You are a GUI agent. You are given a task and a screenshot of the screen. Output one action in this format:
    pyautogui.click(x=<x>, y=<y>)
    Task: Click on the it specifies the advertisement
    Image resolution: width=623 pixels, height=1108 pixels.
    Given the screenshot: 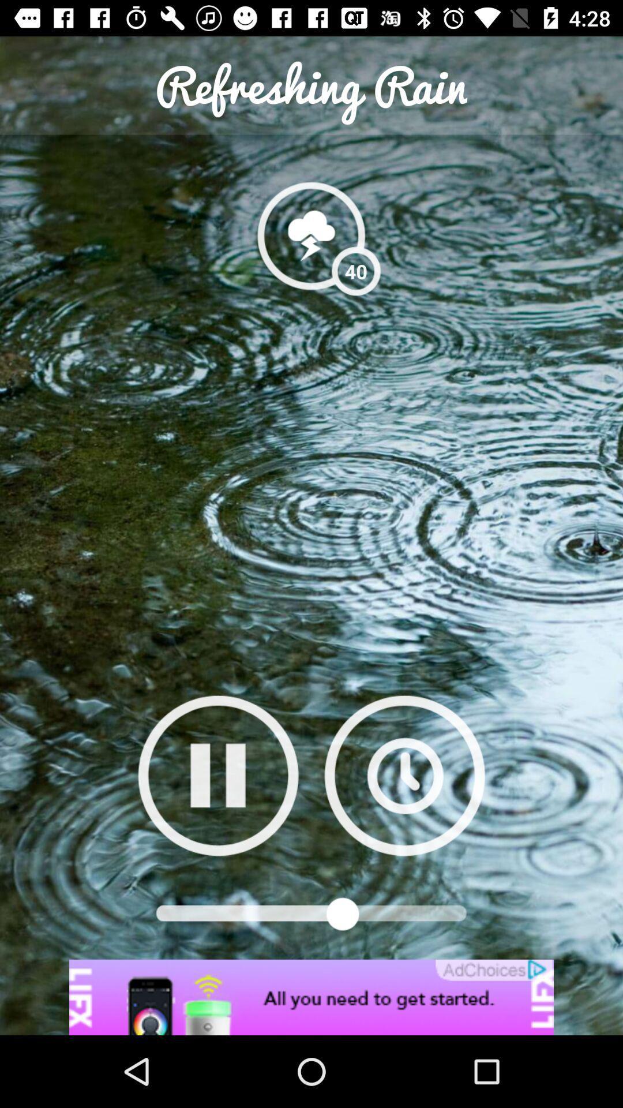 What is the action you would take?
    pyautogui.click(x=311, y=997)
    